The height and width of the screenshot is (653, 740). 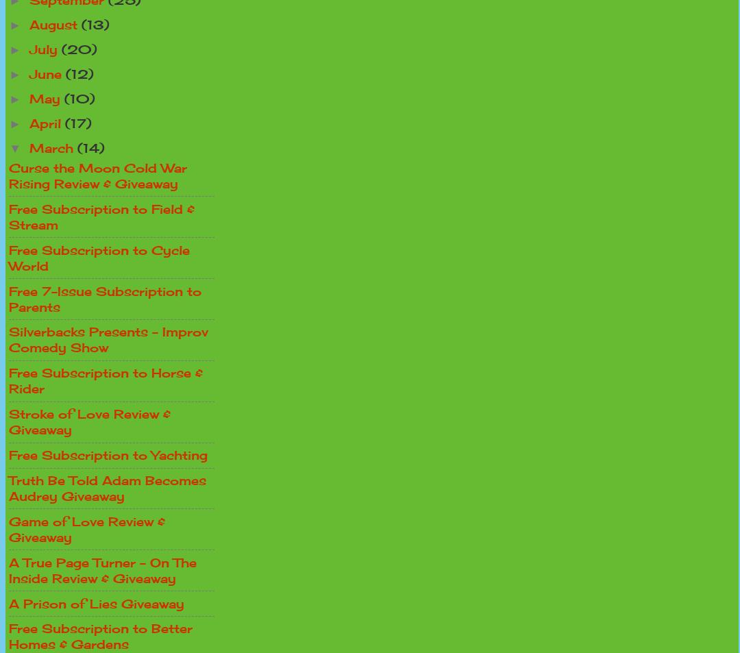 What do you see at coordinates (102, 569) in the screenshot?
I see `'A True Page Turner - On The Inside Review & Giveaway'` at bounding box center [102, 569].